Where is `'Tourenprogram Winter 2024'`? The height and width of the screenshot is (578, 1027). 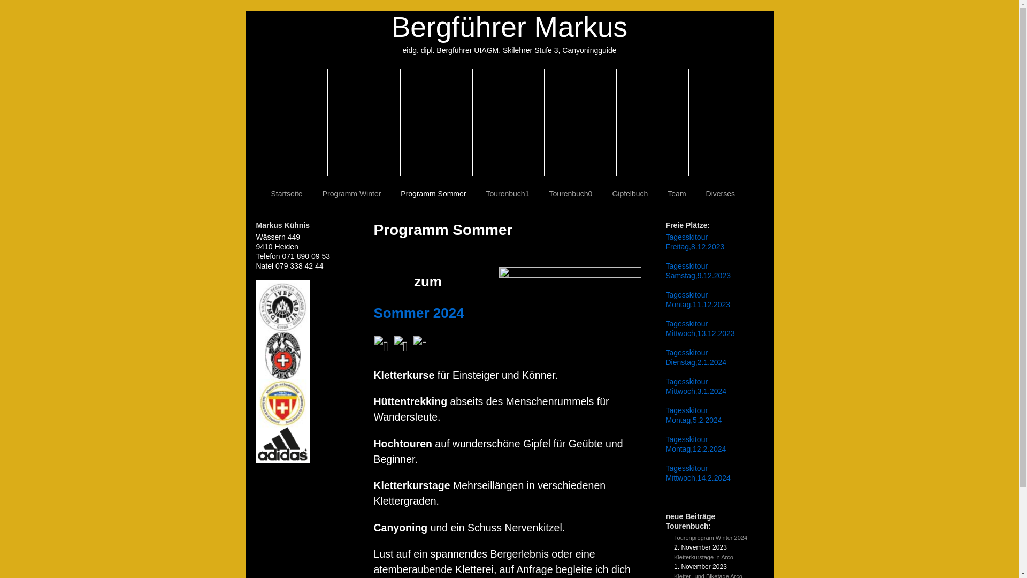
'Tourenprogram Winter 2024' is located at coordinates (710, 538).